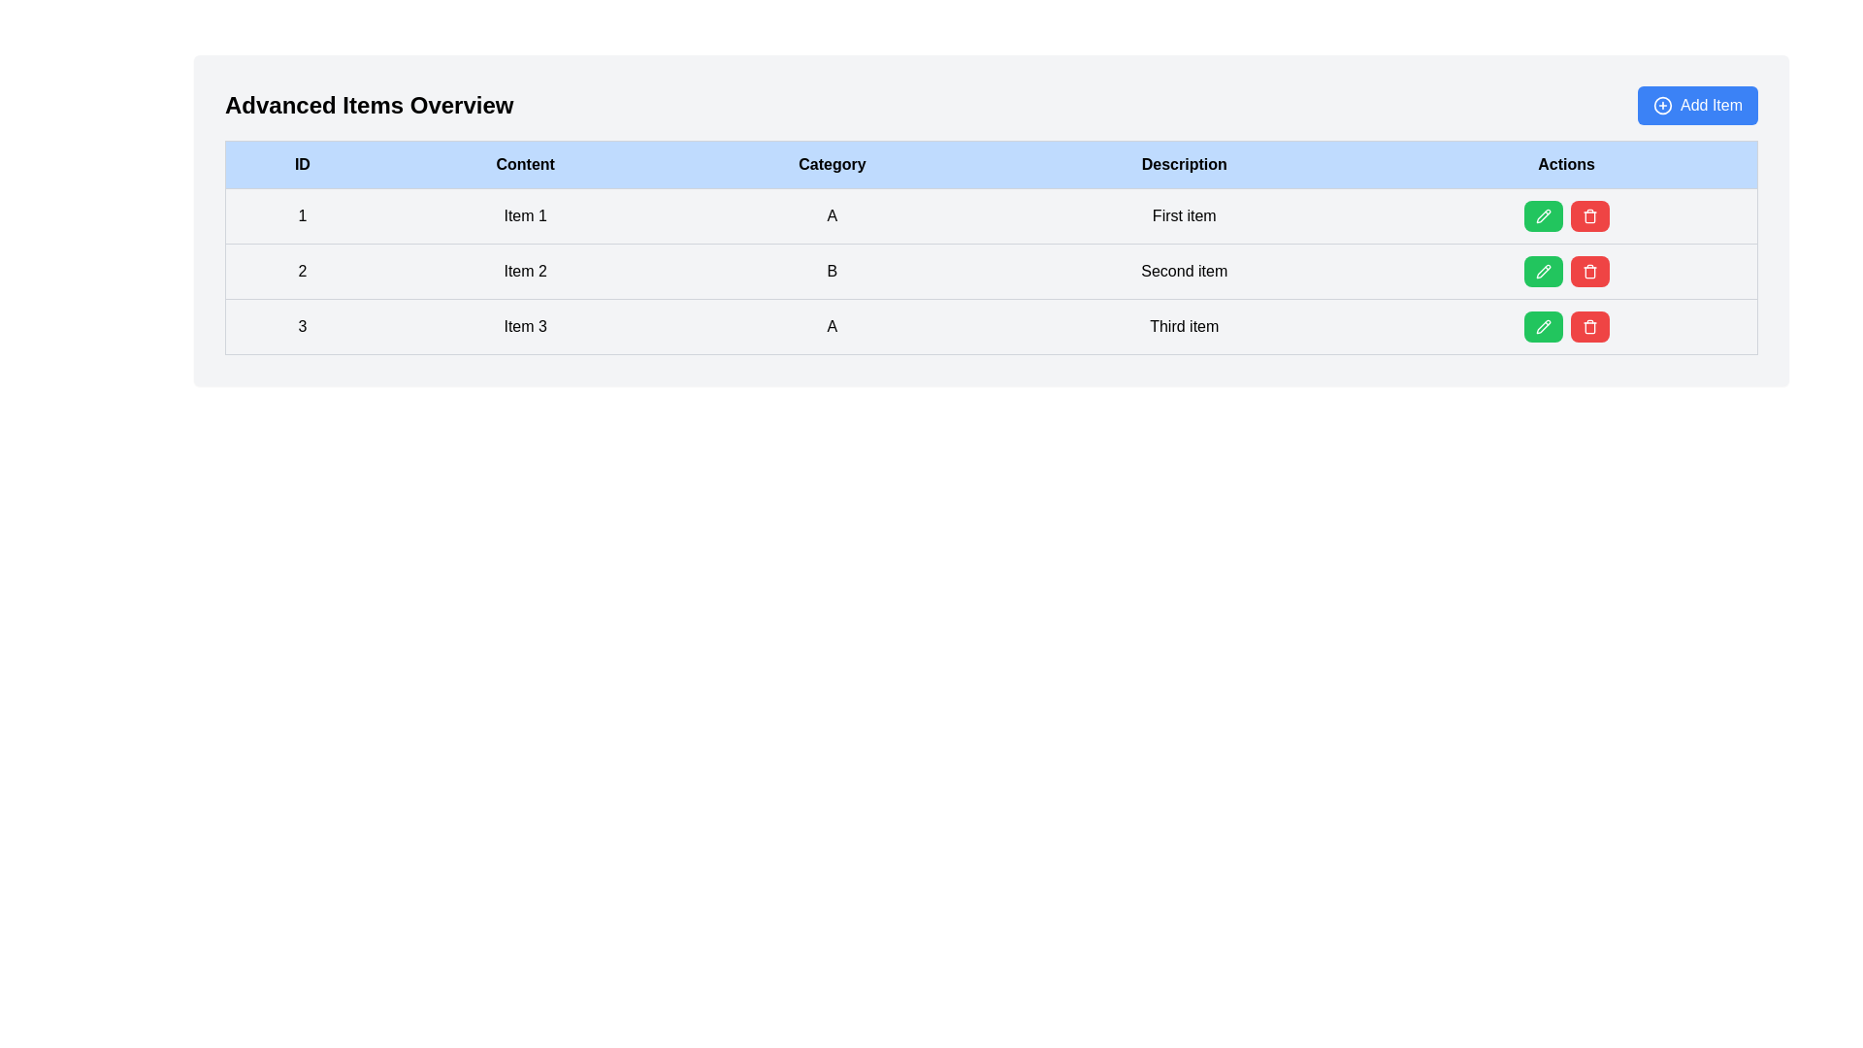 The image size is (1863, 1048). Describe the element at coordinates (1541, 325) in the screenshot. I see `the green button with a white pencil icon in the 'Actions' column of the last row` at that location.